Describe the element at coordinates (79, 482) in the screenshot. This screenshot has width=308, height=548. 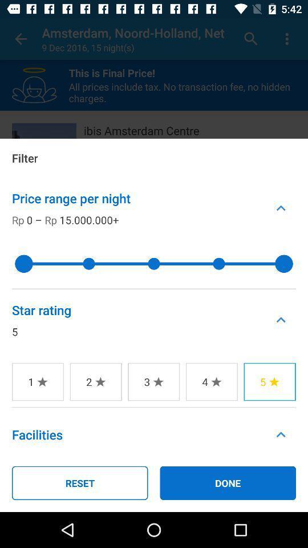
I see `icon to the left of done icon` at that location.